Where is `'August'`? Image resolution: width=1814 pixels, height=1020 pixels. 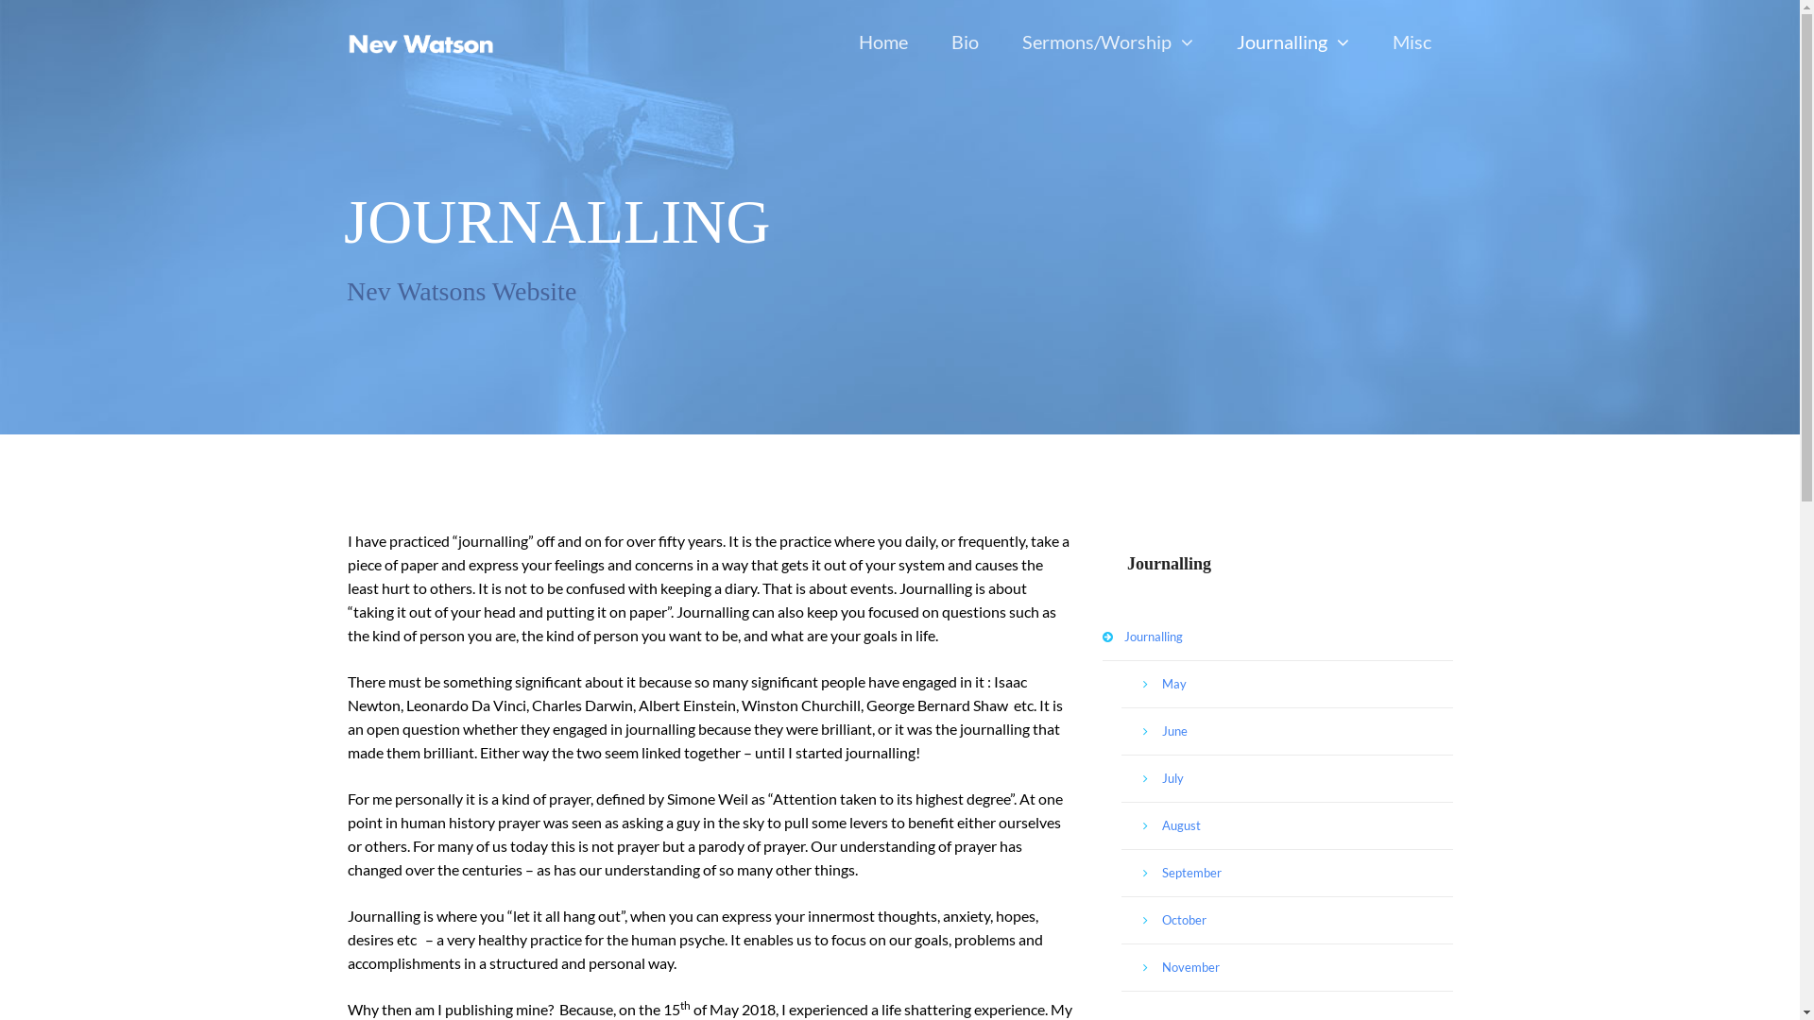 'August' is located at coordinates (1286, 825).